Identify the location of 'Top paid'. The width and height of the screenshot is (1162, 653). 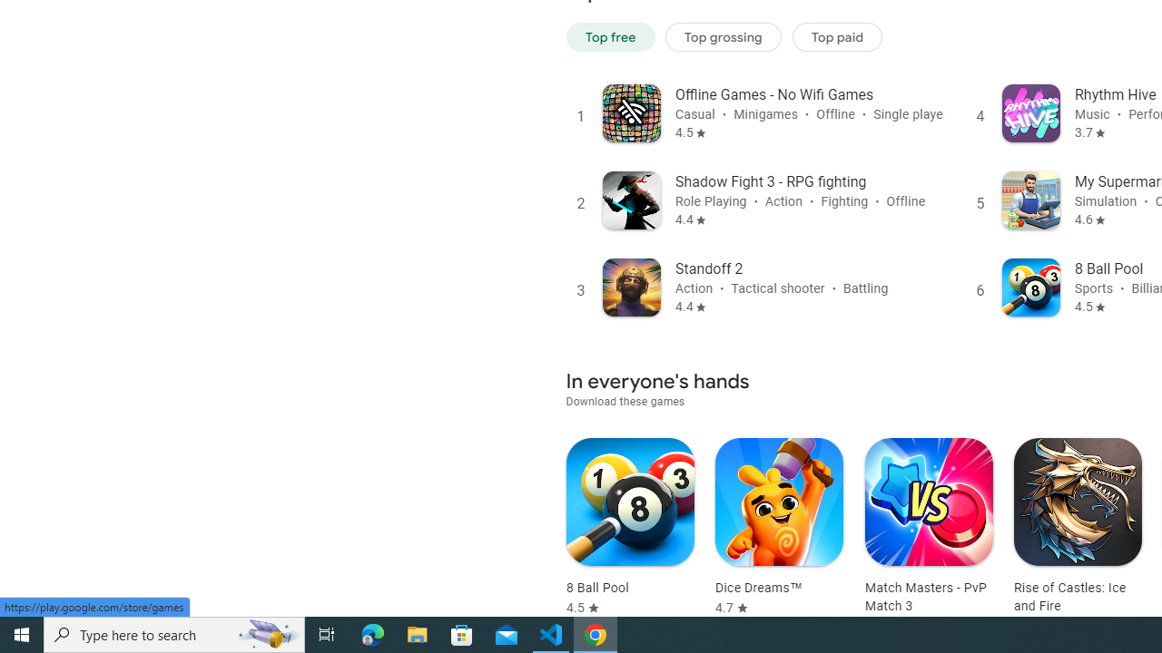
(836, 36).